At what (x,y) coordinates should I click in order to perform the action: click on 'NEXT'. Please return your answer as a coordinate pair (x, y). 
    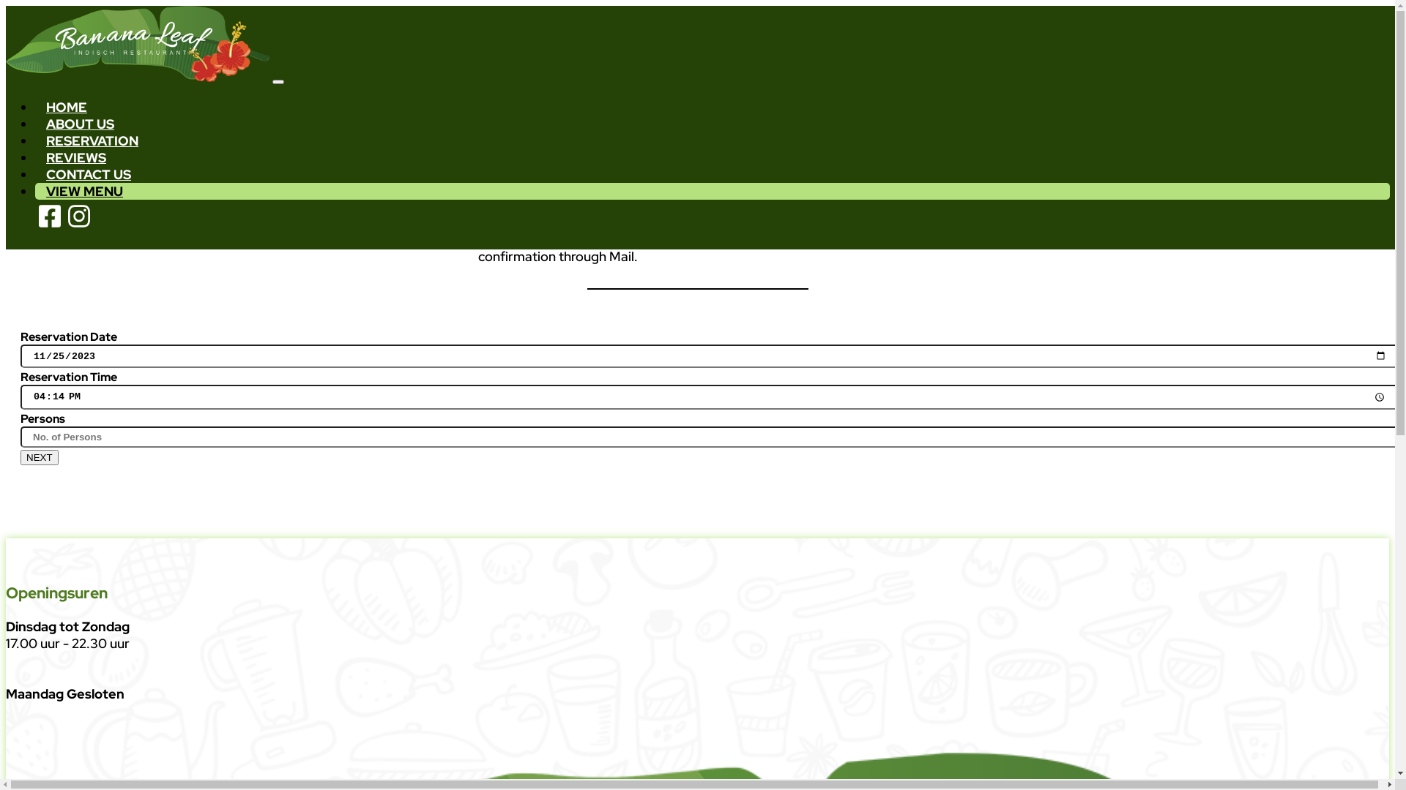
    Looking at the image, I should click on (39, 456).